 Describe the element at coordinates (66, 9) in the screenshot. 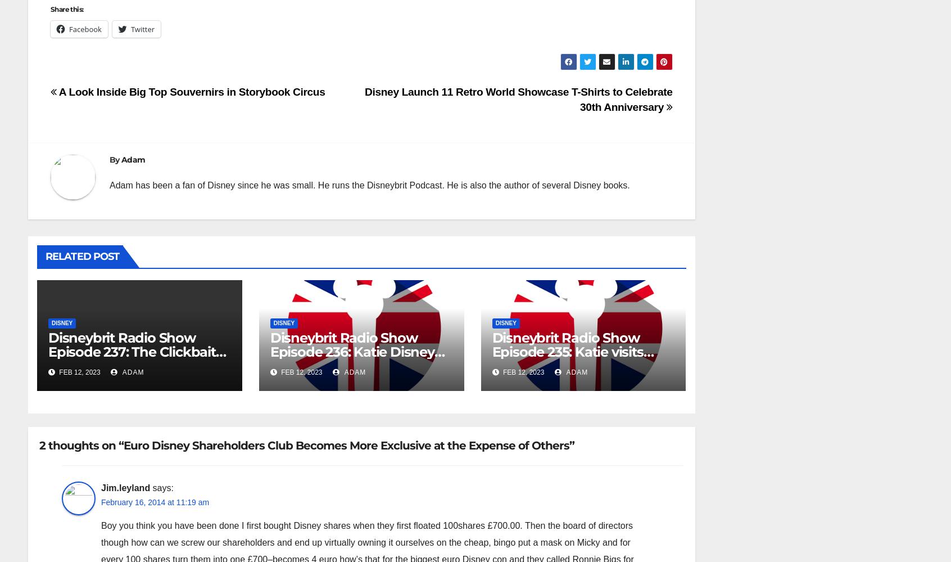

I see `'Share this:'` at that location.